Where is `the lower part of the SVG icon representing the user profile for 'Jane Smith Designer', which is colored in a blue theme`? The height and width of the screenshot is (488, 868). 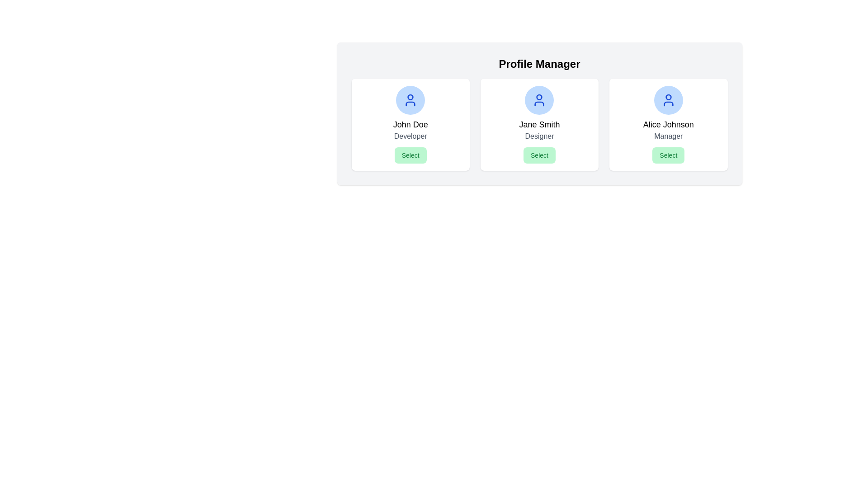 the lower part of the SVG icon representing the user profile for 'Jane Smith Designer', which is colored in a blue theme is located at coordinates (539, 103).